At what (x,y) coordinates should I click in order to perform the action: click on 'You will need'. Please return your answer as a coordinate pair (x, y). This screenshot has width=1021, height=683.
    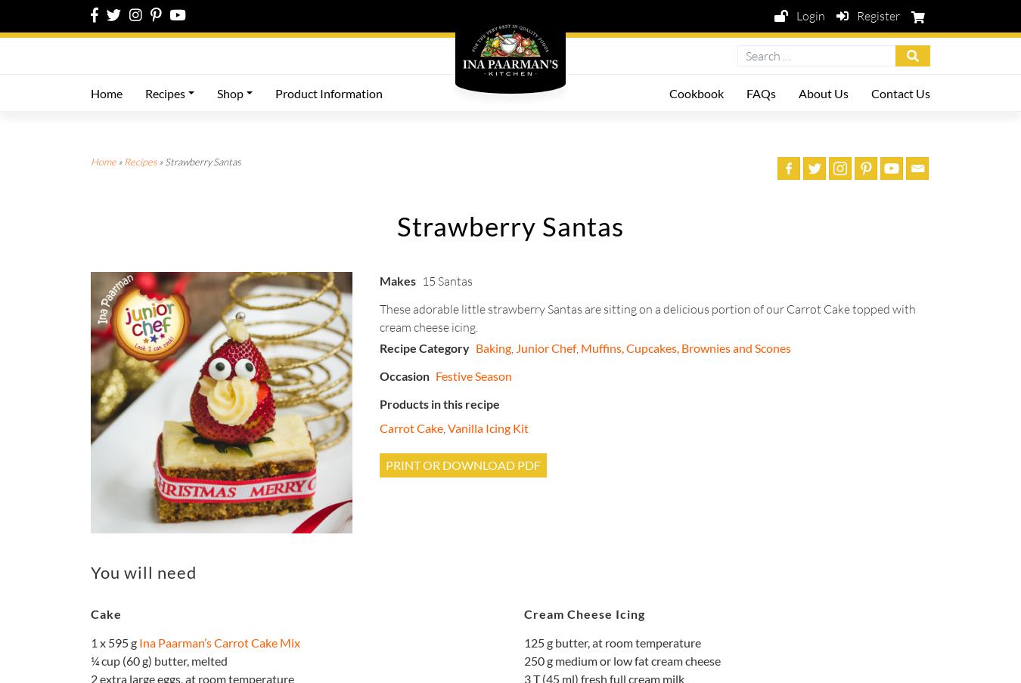
    Looking at the image, I should click on (143, 571).